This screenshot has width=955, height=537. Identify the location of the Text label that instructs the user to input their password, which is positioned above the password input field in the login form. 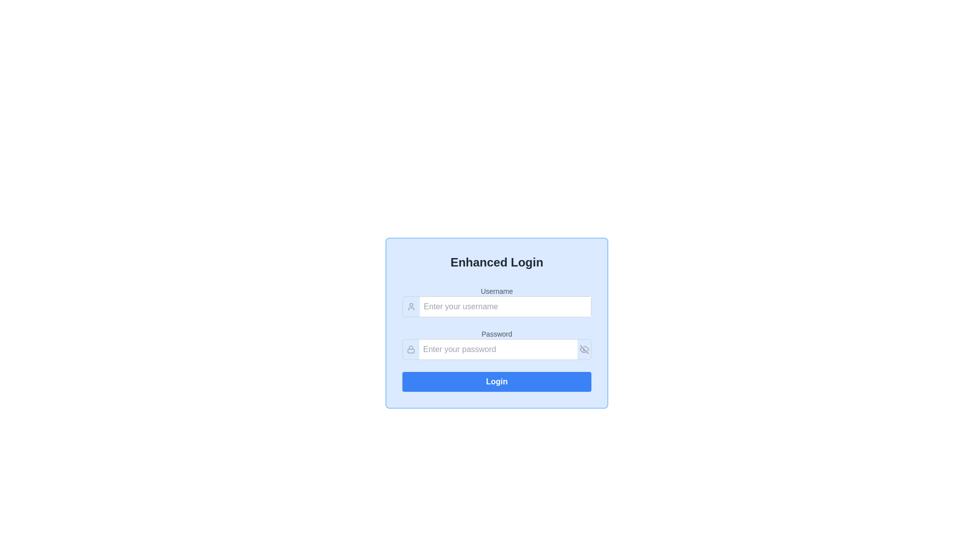
(496, 334).